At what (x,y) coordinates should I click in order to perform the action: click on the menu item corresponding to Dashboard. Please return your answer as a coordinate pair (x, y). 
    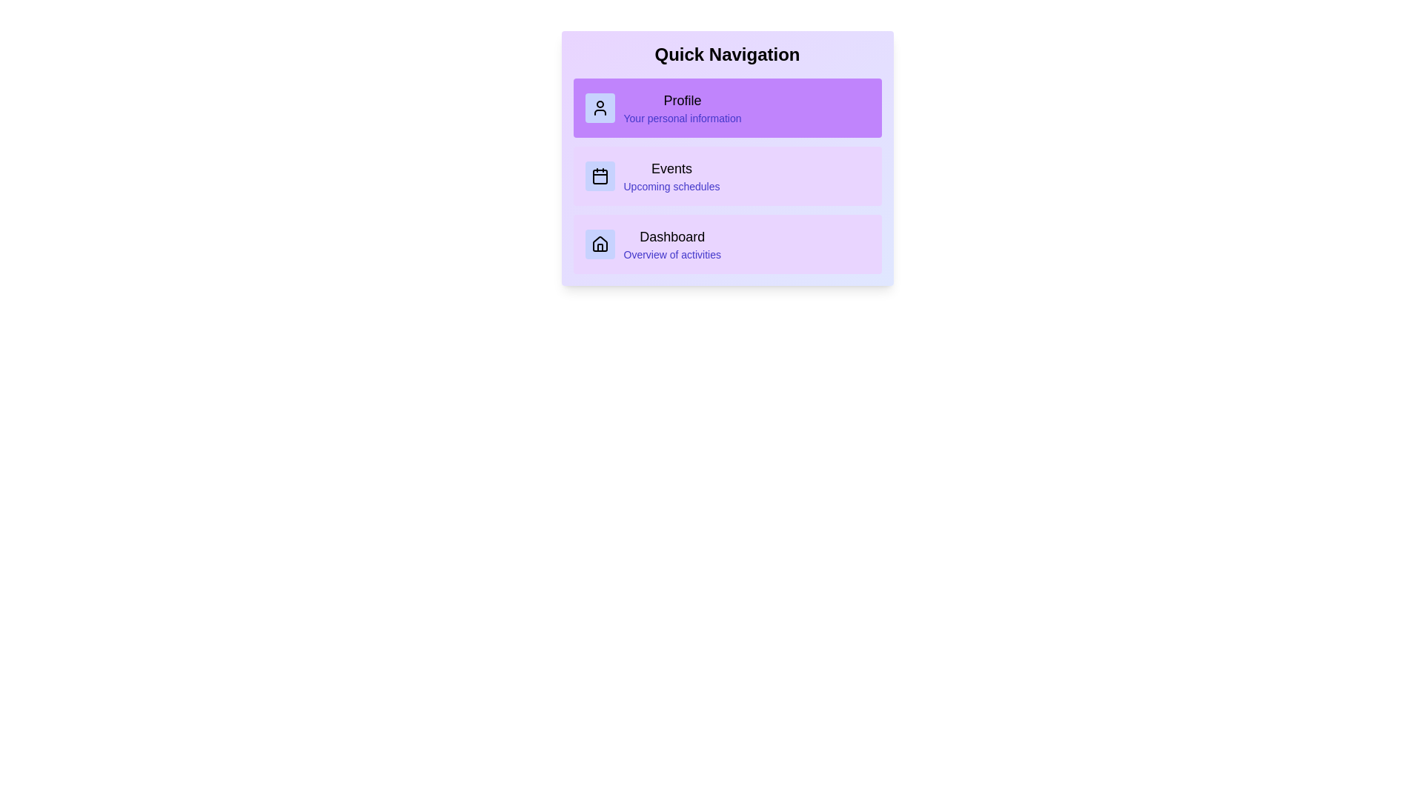
    Looking at the image, I should click on (727, 244).